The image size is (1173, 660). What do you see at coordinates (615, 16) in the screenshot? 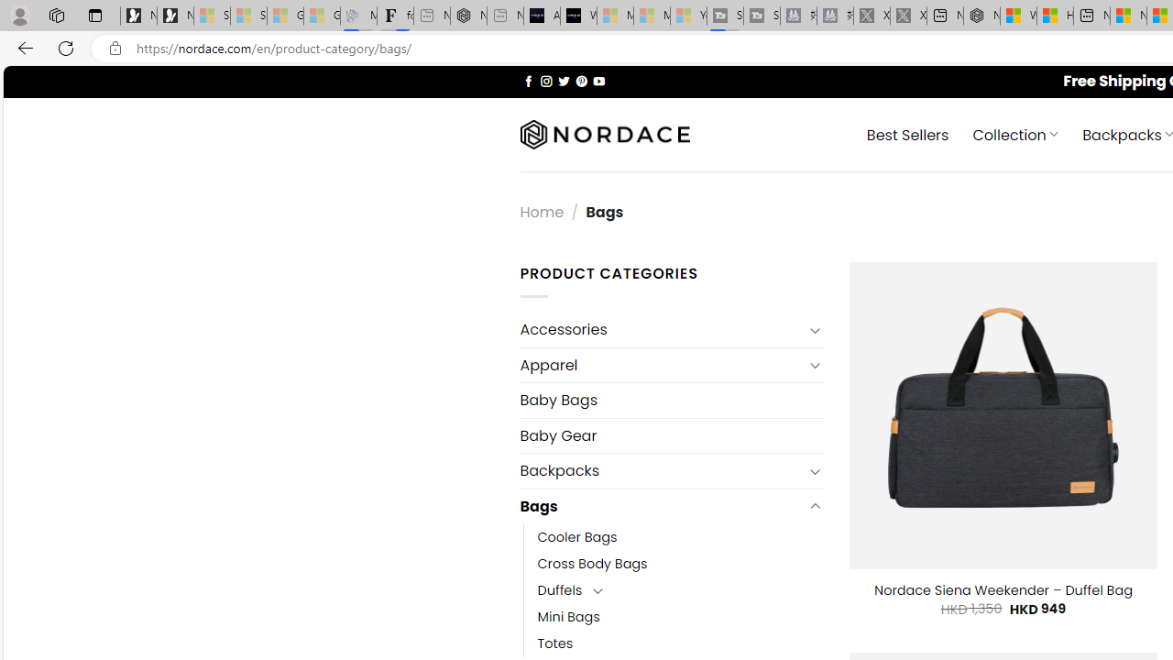
I see `'Microsoft Start Sports - Sleeping'` at bounding box center [615, 16].